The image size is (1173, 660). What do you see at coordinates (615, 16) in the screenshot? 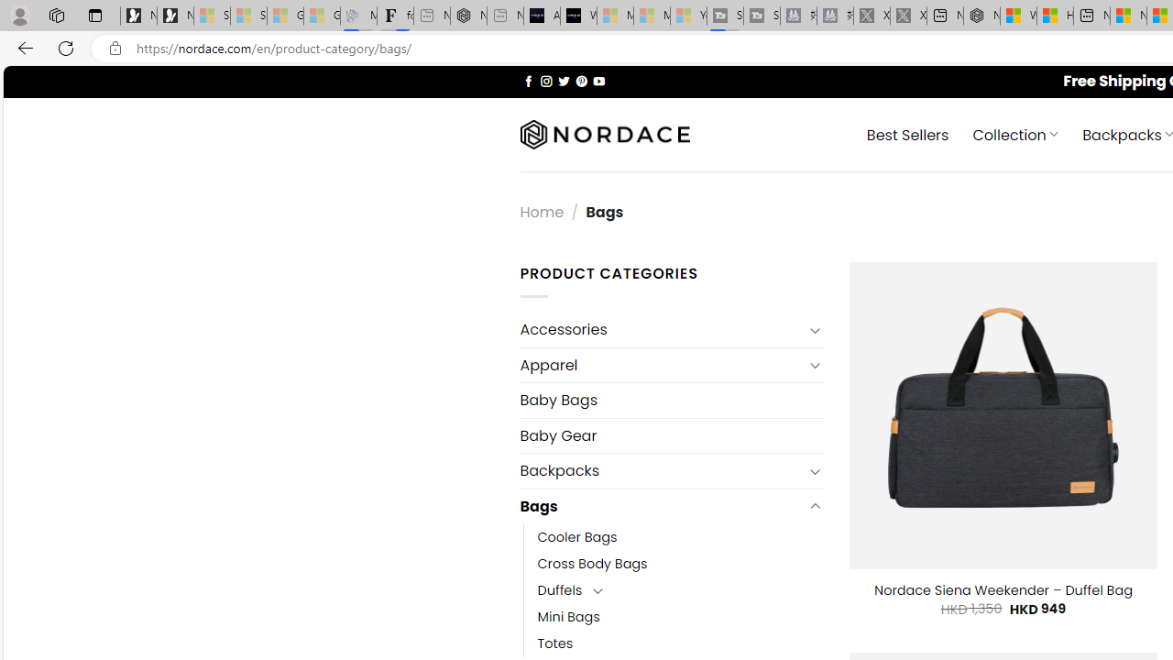
I see `'Microsoft Start Sports - Sleeping'` at bounding box center [615, 16].